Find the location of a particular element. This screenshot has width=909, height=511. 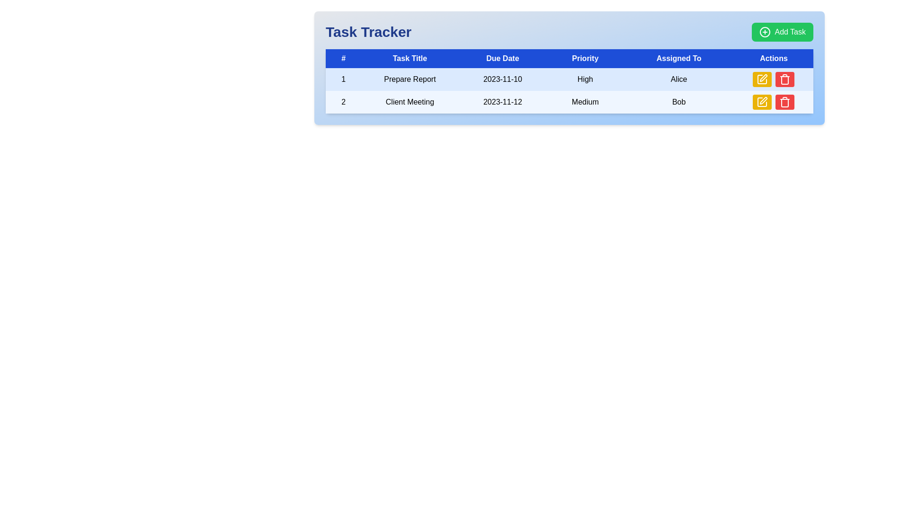

the 'Priority' column header in the table, which is the fourth header following '#', 'Task Title', and 'Due Date', and preceding 'Assigned To' and 'Actions' is located at coordinates (585, 58).